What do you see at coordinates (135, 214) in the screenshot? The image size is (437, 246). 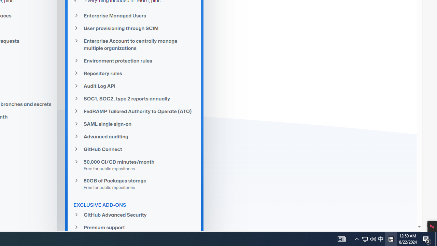 I see `'GitHub Advanced Security'` at bounding box center [135, 214].